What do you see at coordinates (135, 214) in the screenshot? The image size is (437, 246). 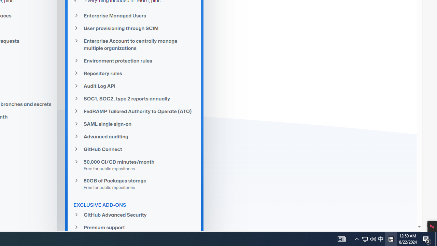 I see `'GitHub Advanced Security'` at bounding box center [135, 214].